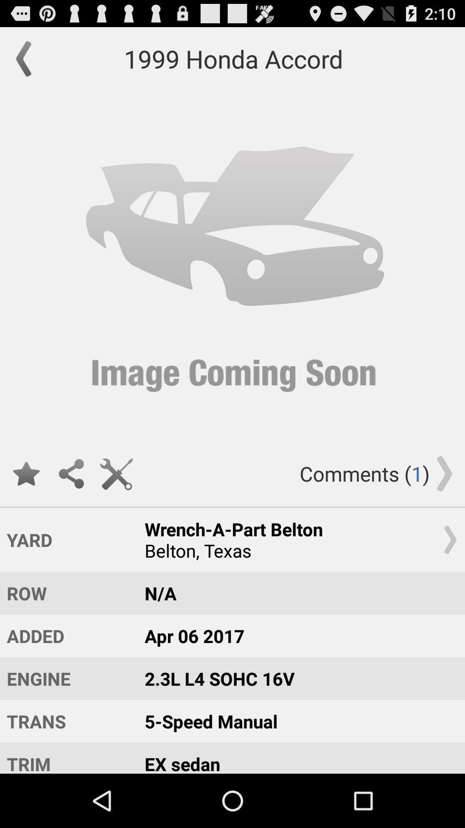  I want to click on the star icon, so click(25, 507).